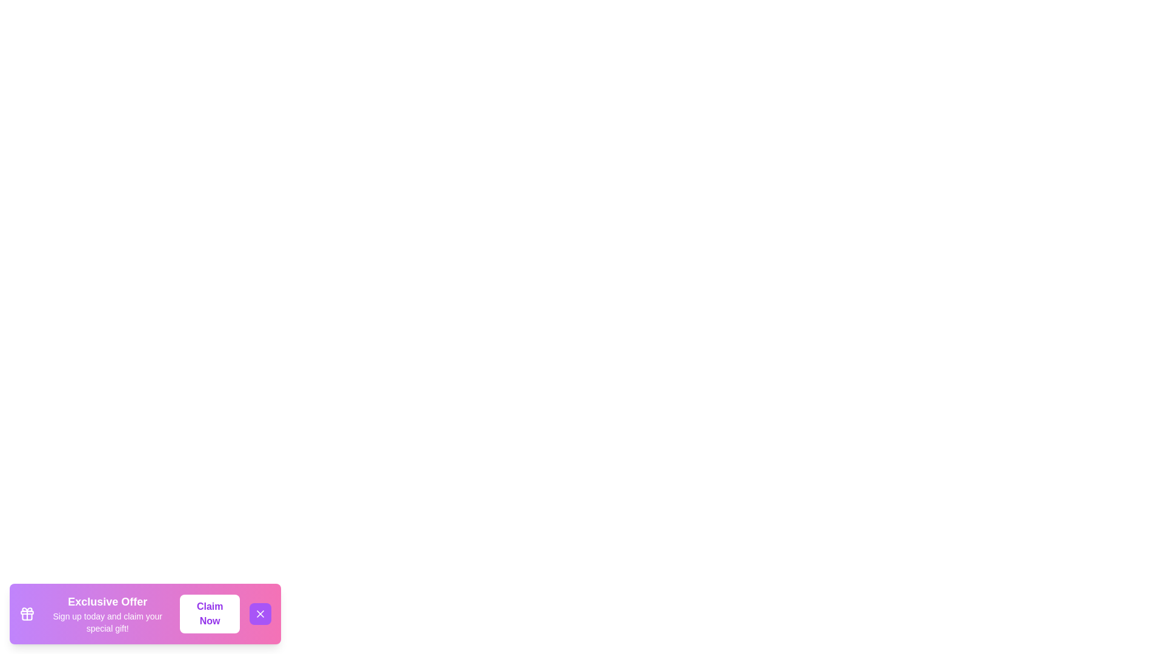 The height and width of the screenshot is (654, 1163). Describe the element at coordinates (210, 614) in the screenshot. I see `the 'Claim Now' button to claim the offer` at that location.